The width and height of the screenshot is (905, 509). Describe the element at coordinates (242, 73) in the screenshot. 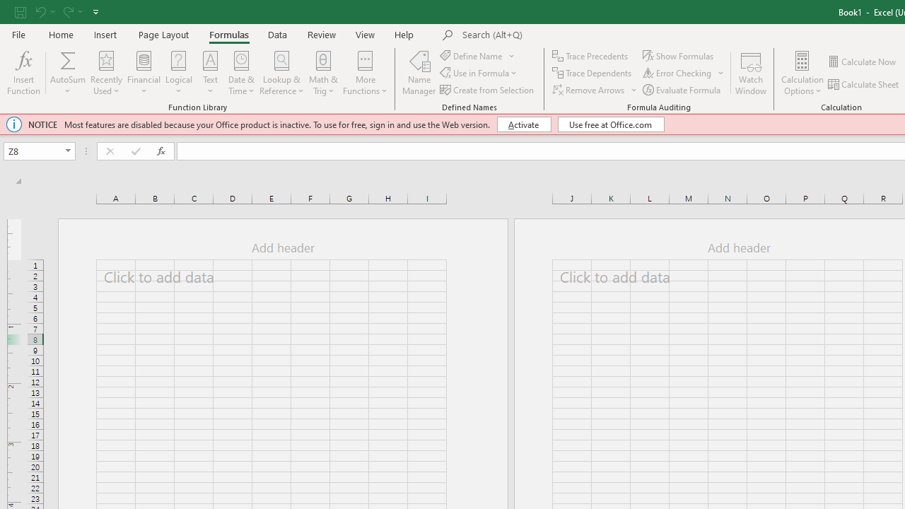

I see `'Date & Time'` at that location.